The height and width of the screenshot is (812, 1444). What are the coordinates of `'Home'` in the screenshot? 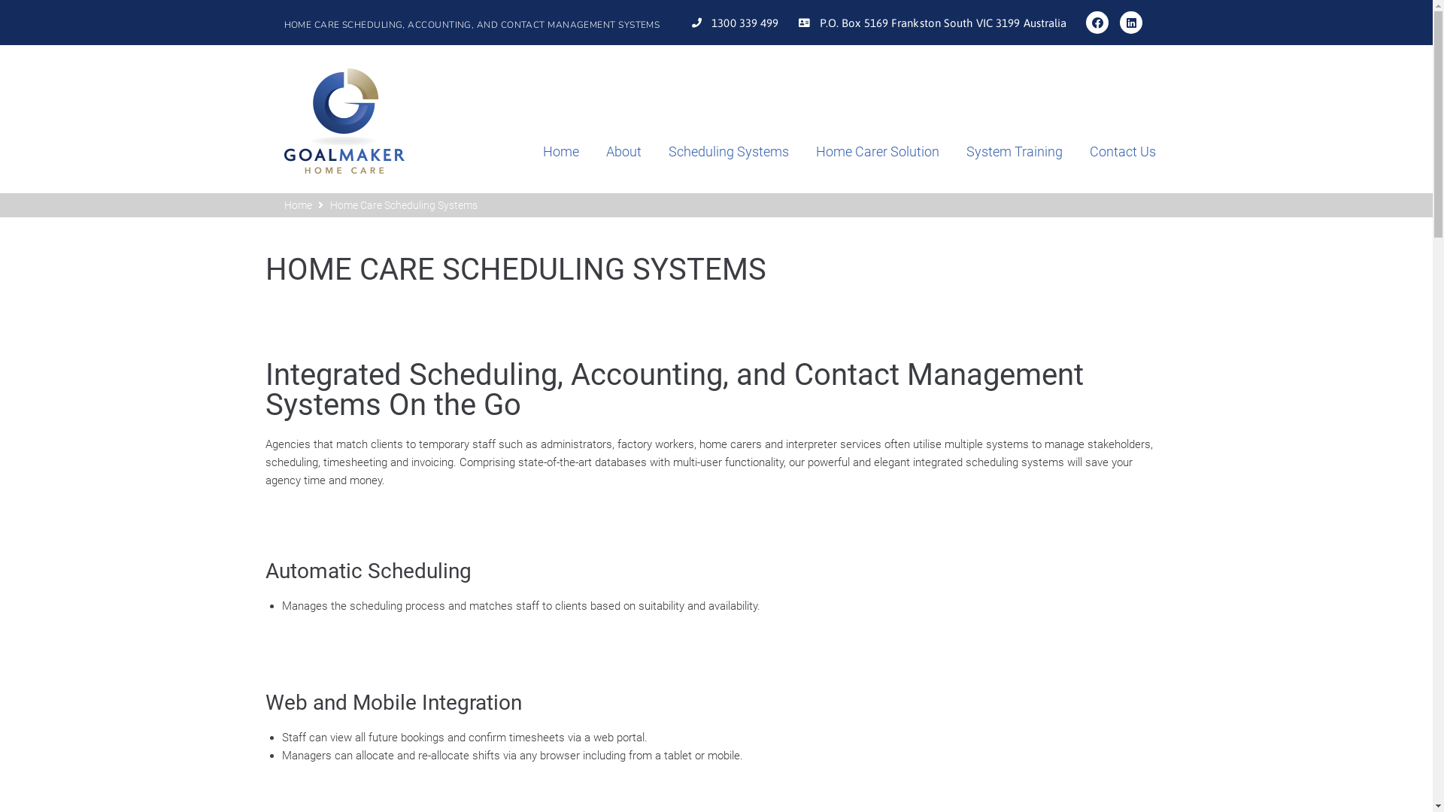 It's located at (284, 205).